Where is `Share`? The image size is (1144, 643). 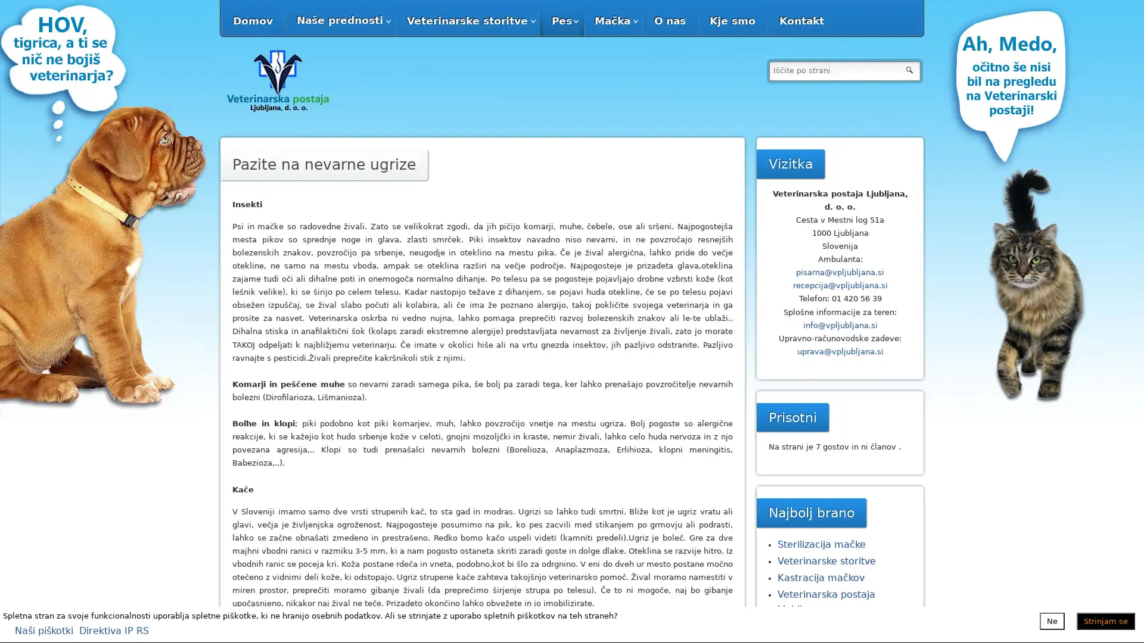 Share is located at coordinates (414, 628).